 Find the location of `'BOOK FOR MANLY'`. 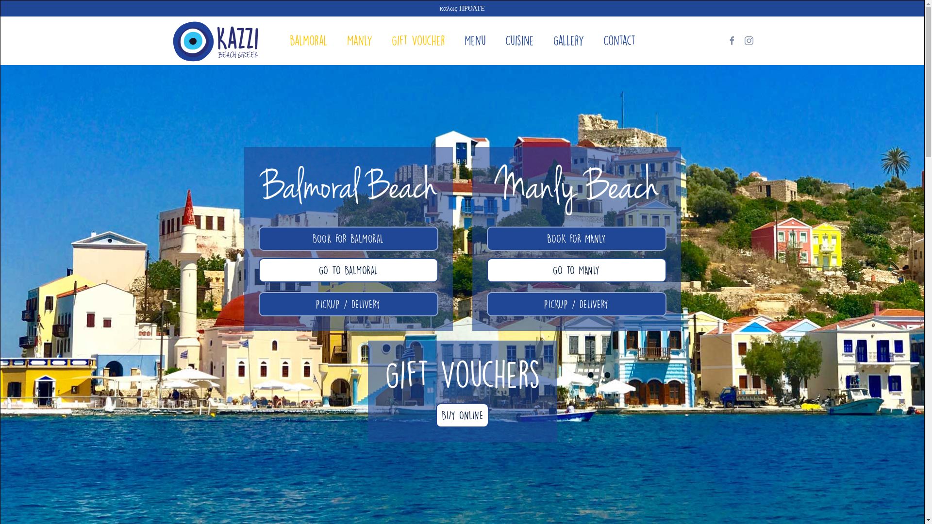

'BOOK FOR MANLY' is located at coordinates (576, 239).